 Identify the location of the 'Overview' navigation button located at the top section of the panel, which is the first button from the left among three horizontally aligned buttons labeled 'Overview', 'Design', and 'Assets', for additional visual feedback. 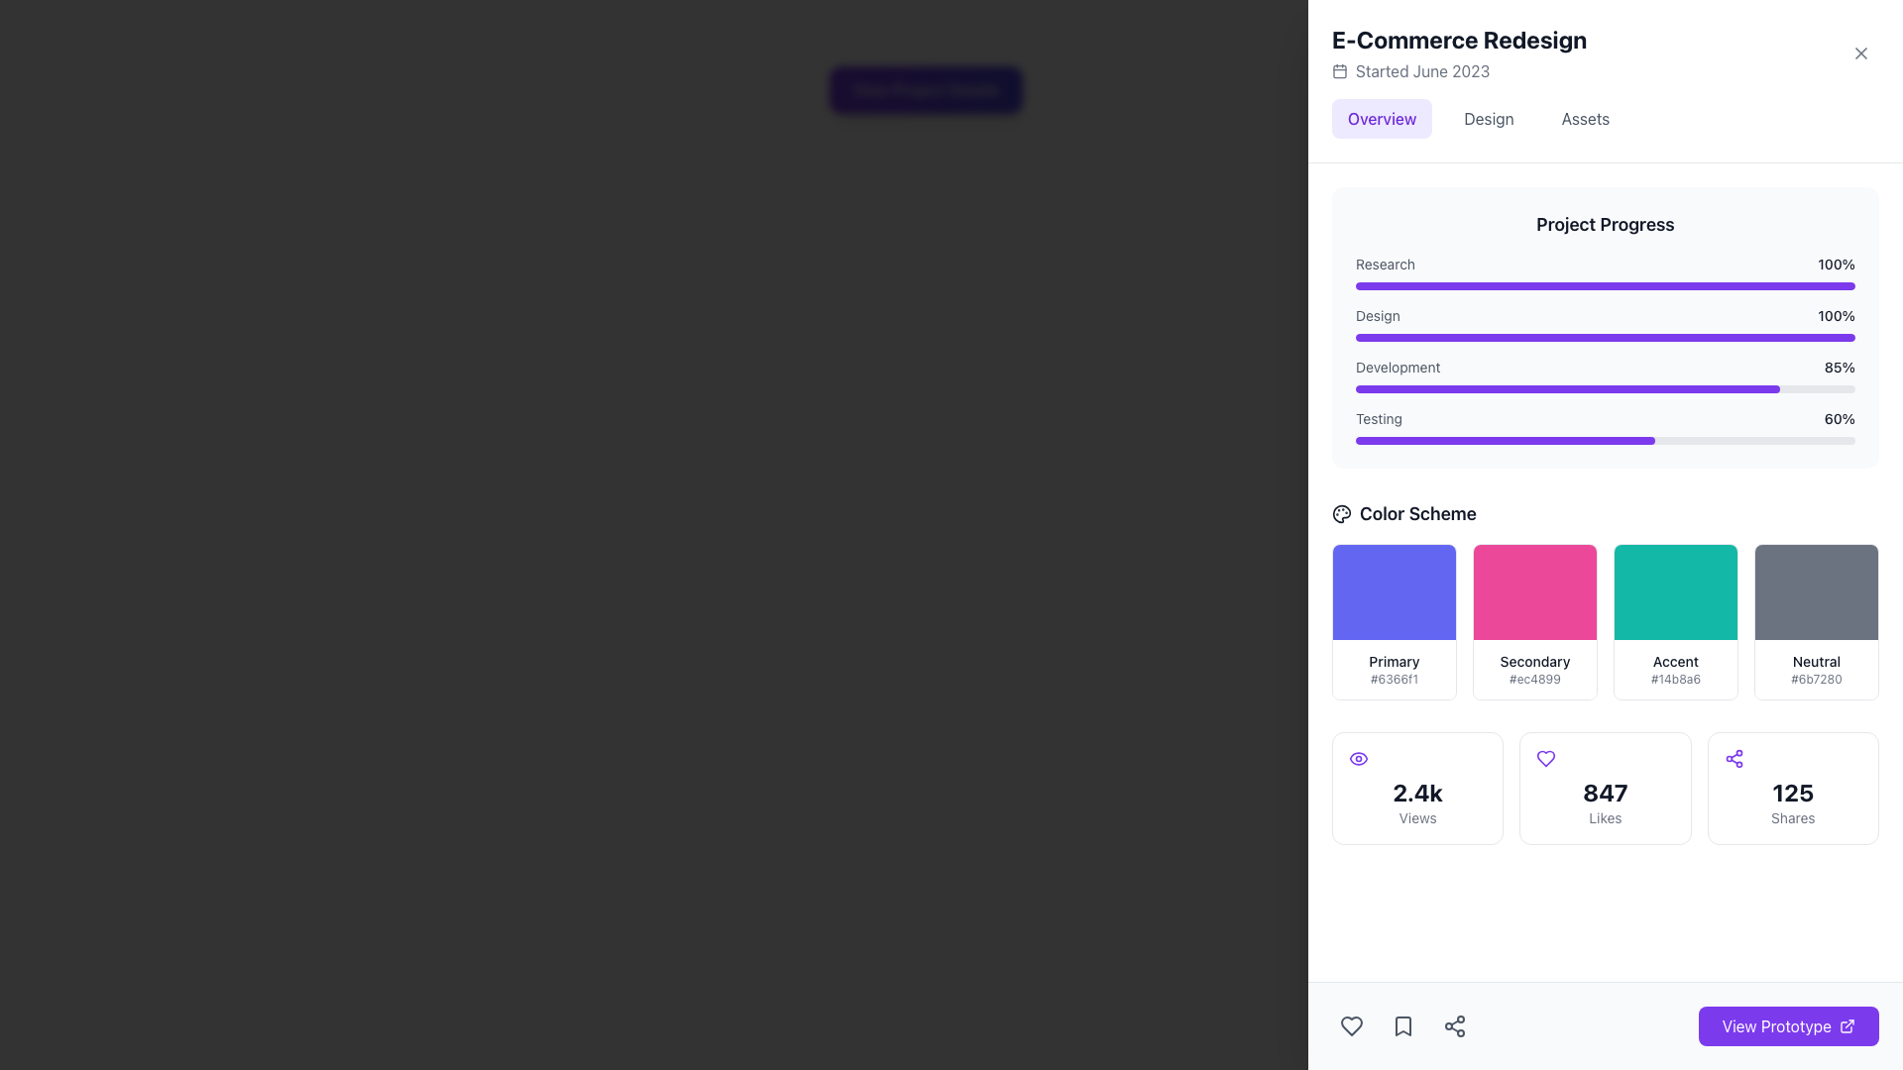
(1381, 118).